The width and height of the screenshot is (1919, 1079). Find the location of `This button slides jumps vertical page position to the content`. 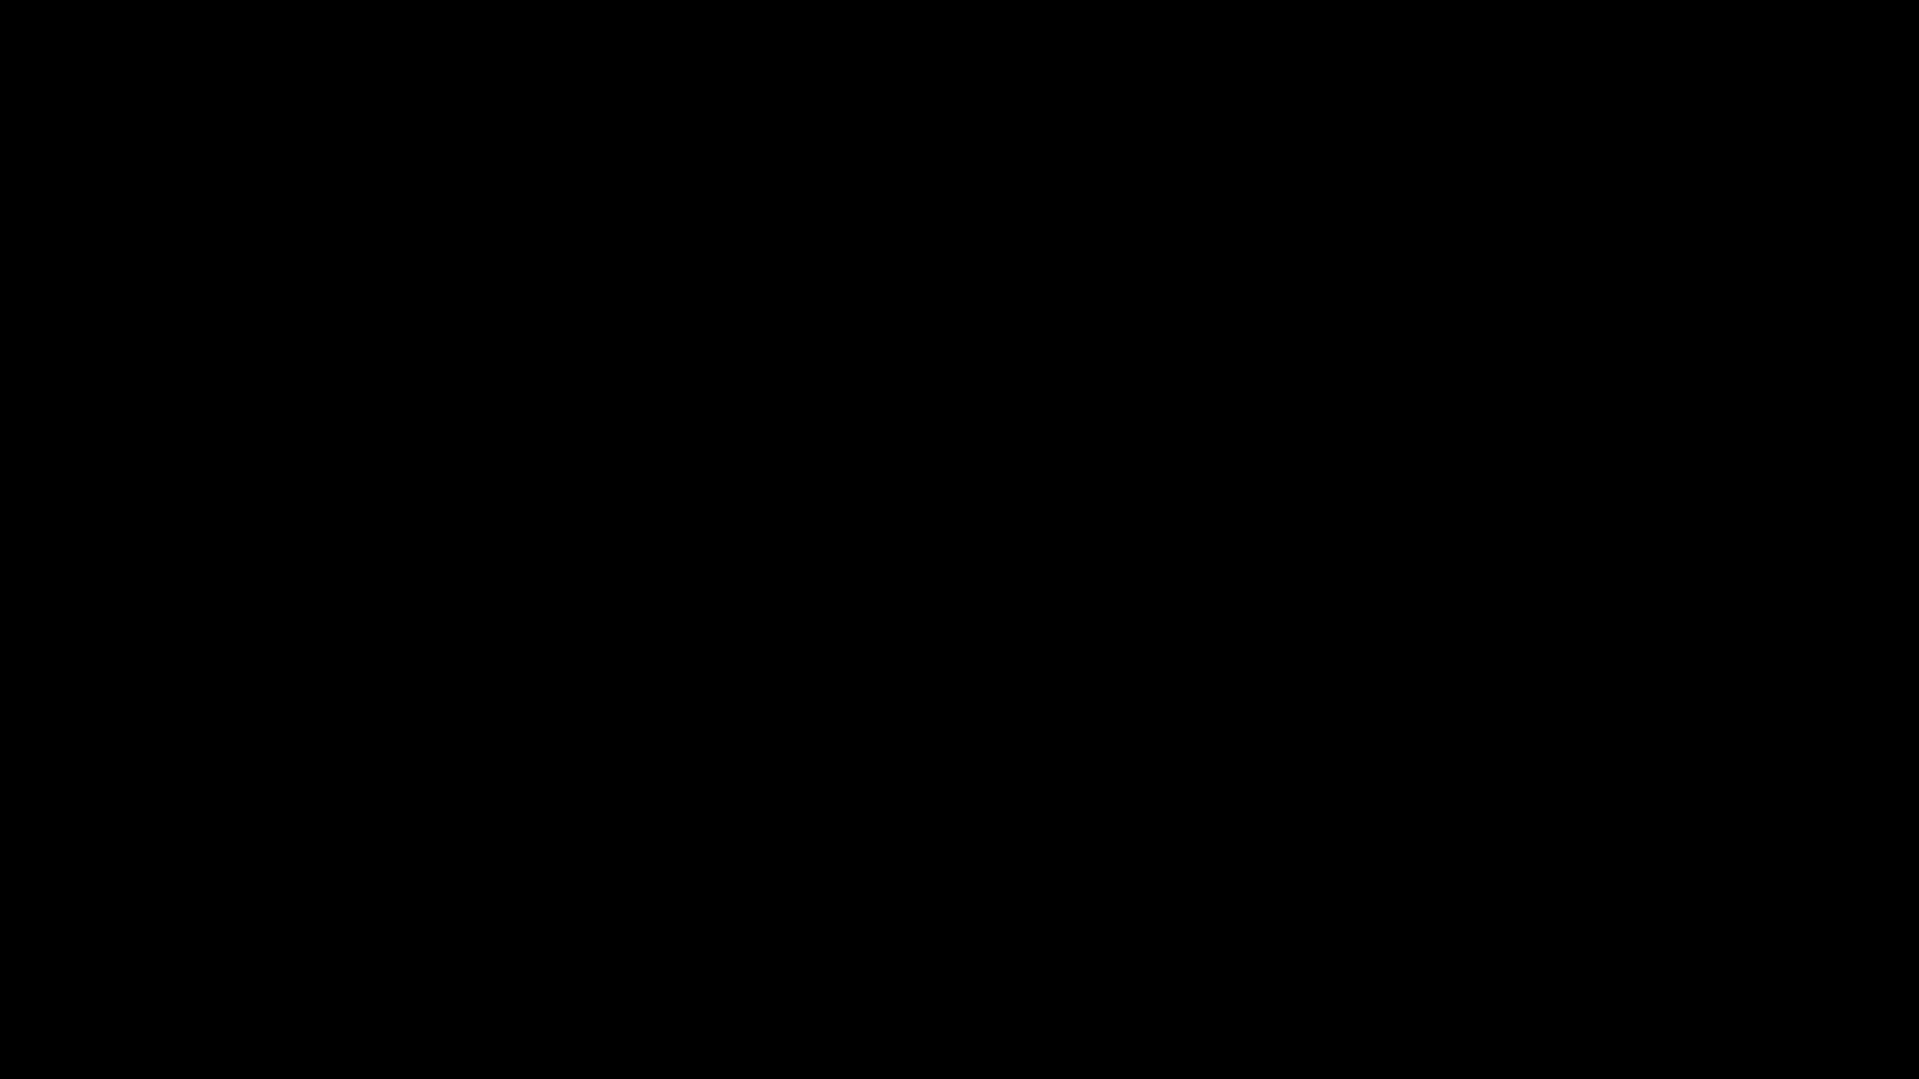

This button slides jumps vertical page position to the content is located at coordinates (983, 1013).